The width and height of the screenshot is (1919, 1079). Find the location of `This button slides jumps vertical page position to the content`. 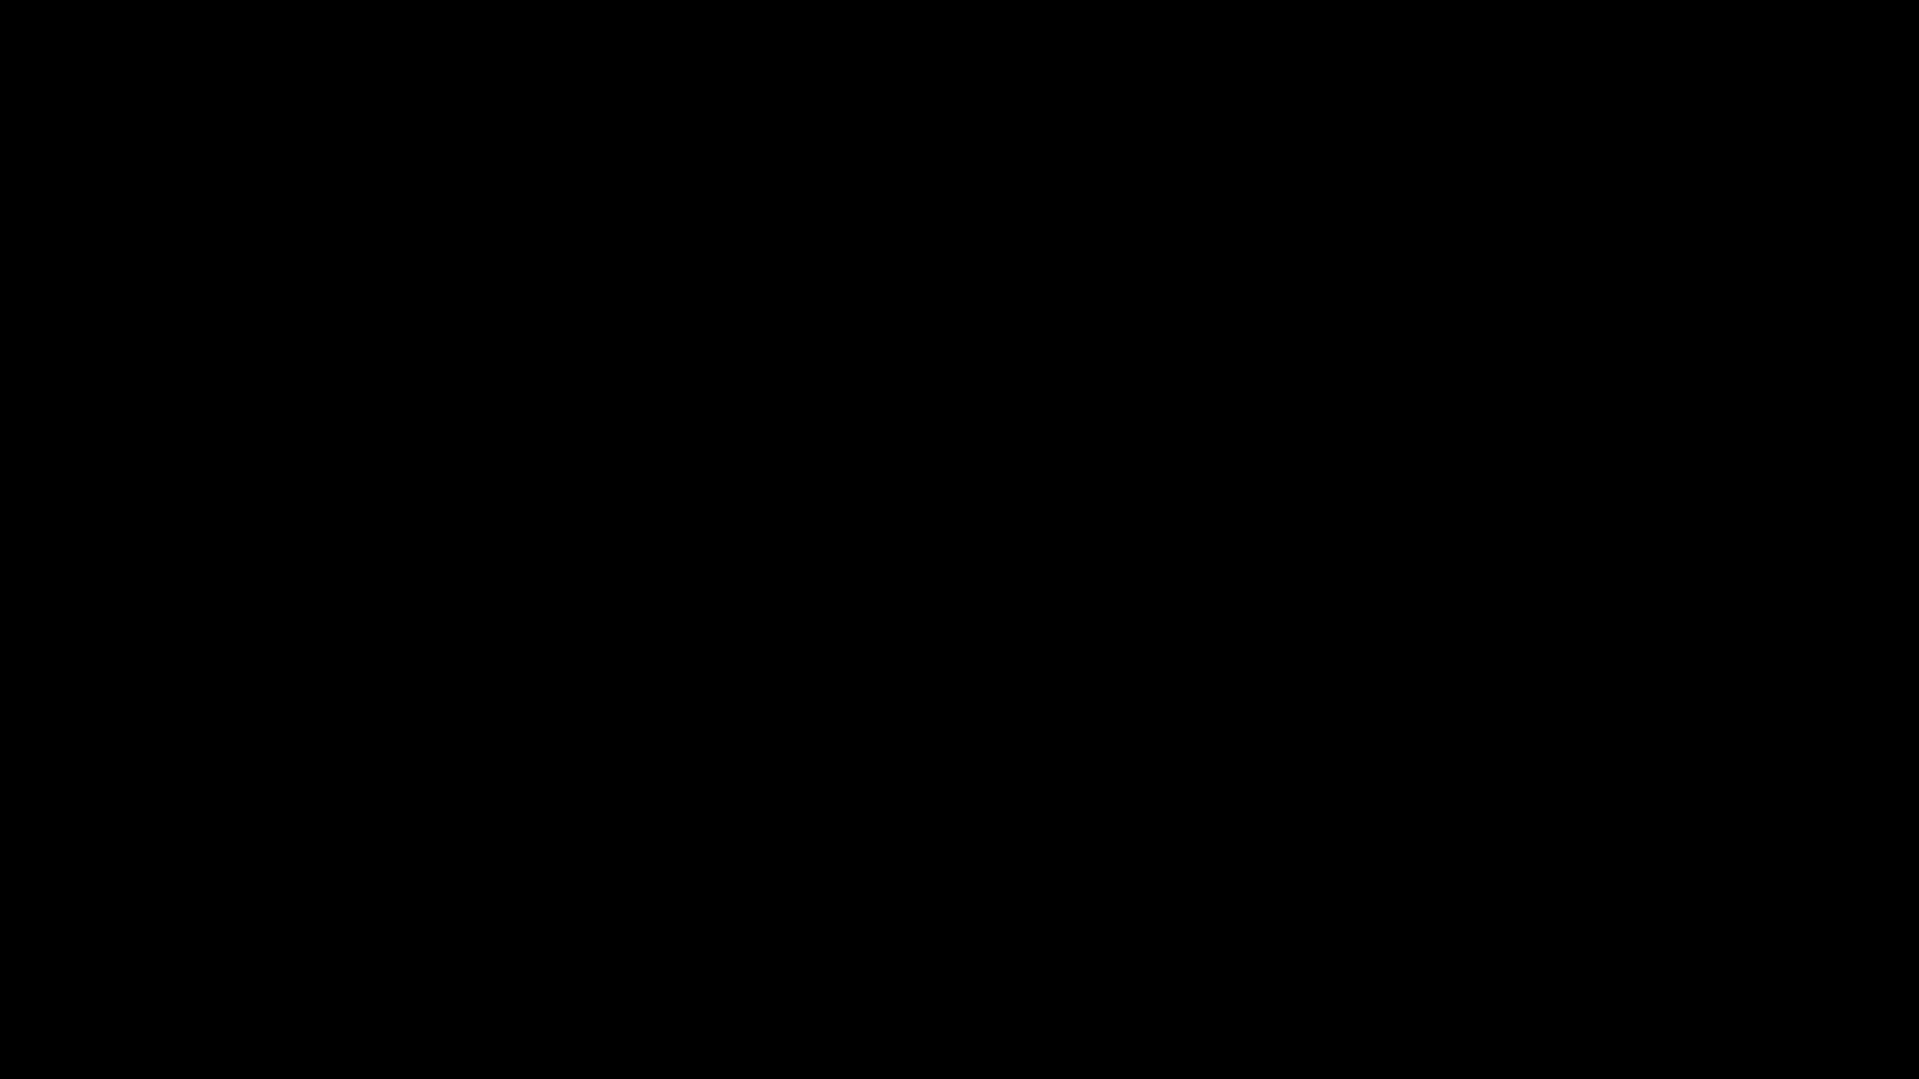

This button slides jumps vertical page position to the content is located at coordinates (983, 1013).